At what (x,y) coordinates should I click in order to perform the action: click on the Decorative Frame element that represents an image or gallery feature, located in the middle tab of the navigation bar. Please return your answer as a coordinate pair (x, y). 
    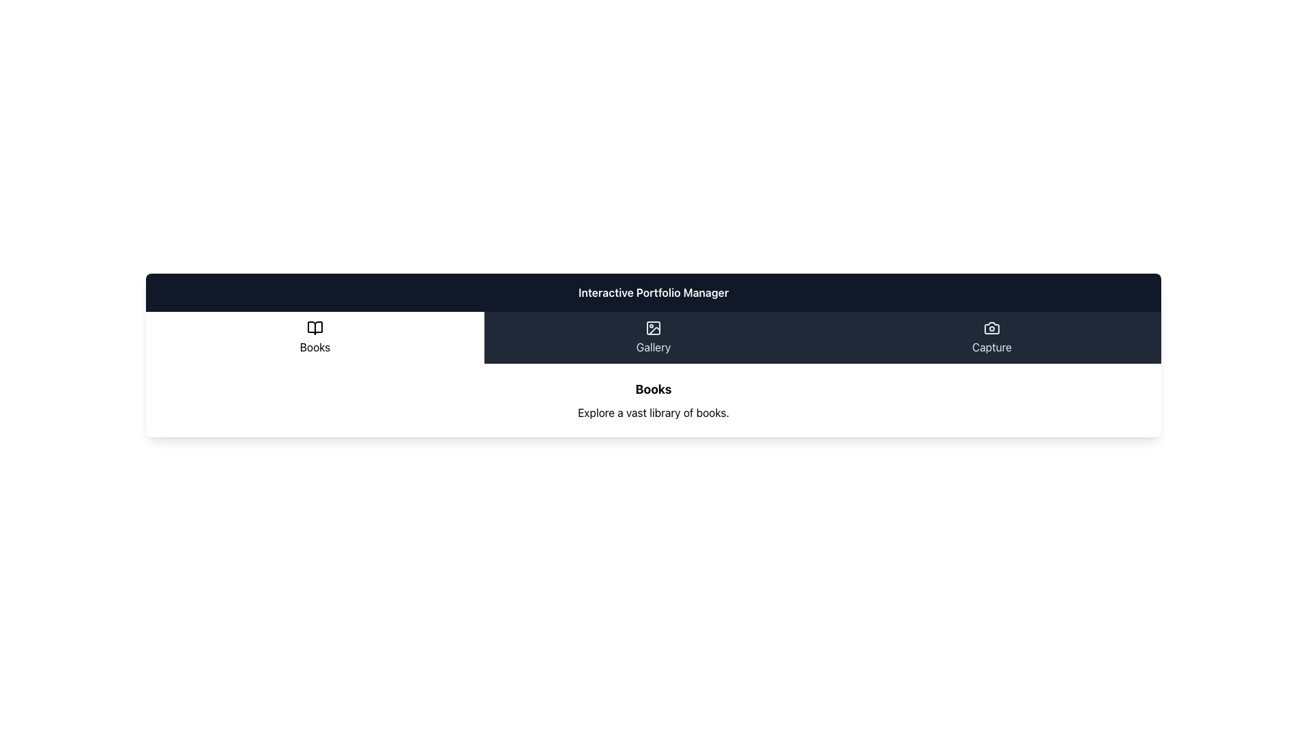
    Looking at the image, I should click on (653, 328).